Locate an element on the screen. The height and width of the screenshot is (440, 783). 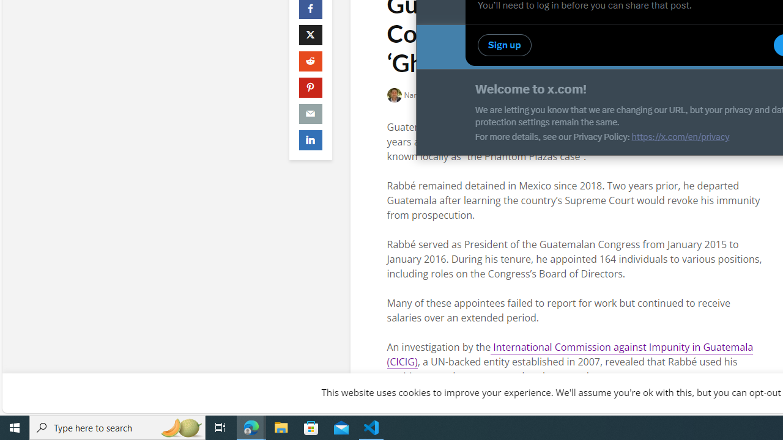
'Microsoft Edge - 2 running windows' is located at coordinates (251, 427).